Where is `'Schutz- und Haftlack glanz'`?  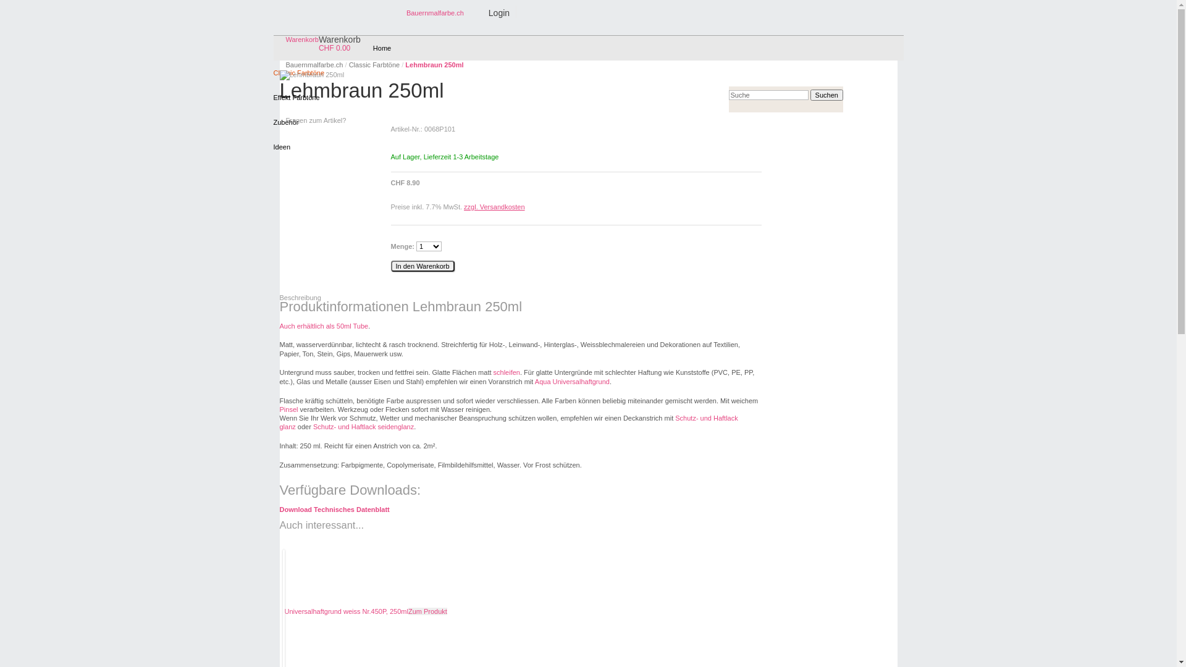 'Schutz- und Haftlack glanz' is located at coordinates (508, 421).